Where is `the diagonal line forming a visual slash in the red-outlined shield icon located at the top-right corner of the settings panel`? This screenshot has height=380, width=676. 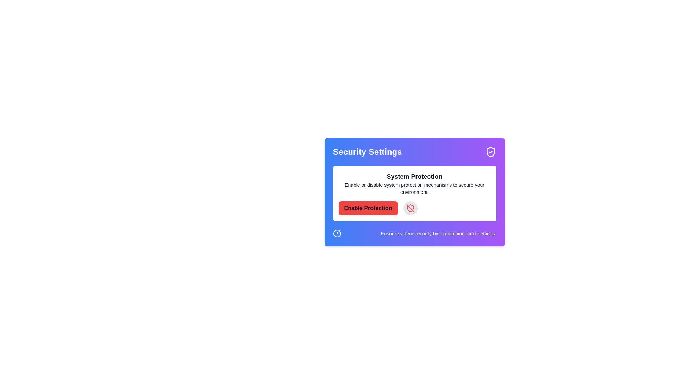
the diagonal line forming a visual slash in the red-outlined shield icon located at the top-right corner of the settings panel is located at coordinates (410, 208).